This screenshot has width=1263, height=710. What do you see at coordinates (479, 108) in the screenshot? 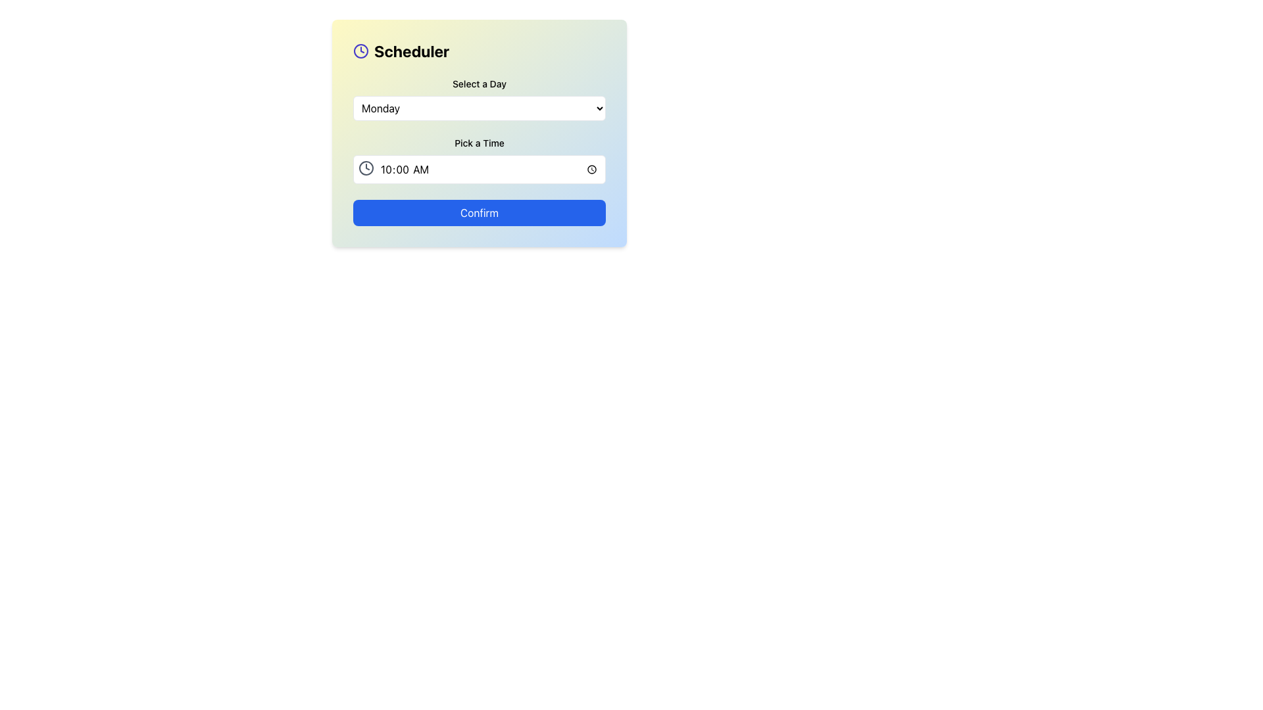
I see `the dropdown menu displaying 'Monday'` at bounding box center [479, 108].